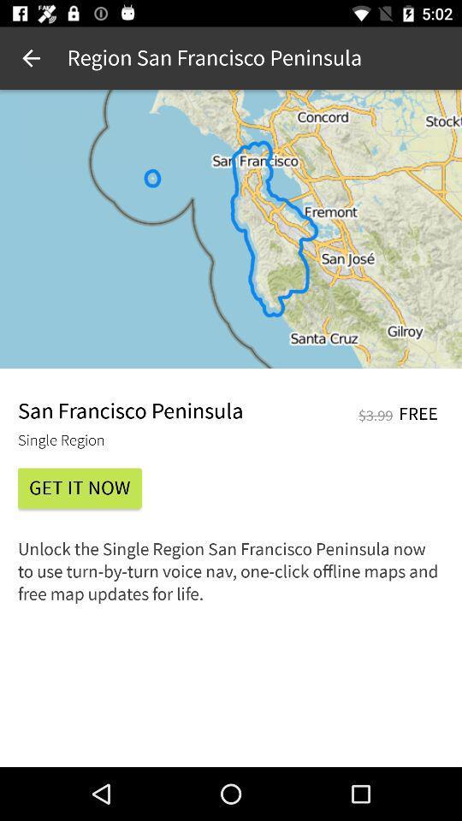  What do you see at coordinates (79, 488) in the screenshot?
I see `the item below single region item` at bounding box center [79, 488].